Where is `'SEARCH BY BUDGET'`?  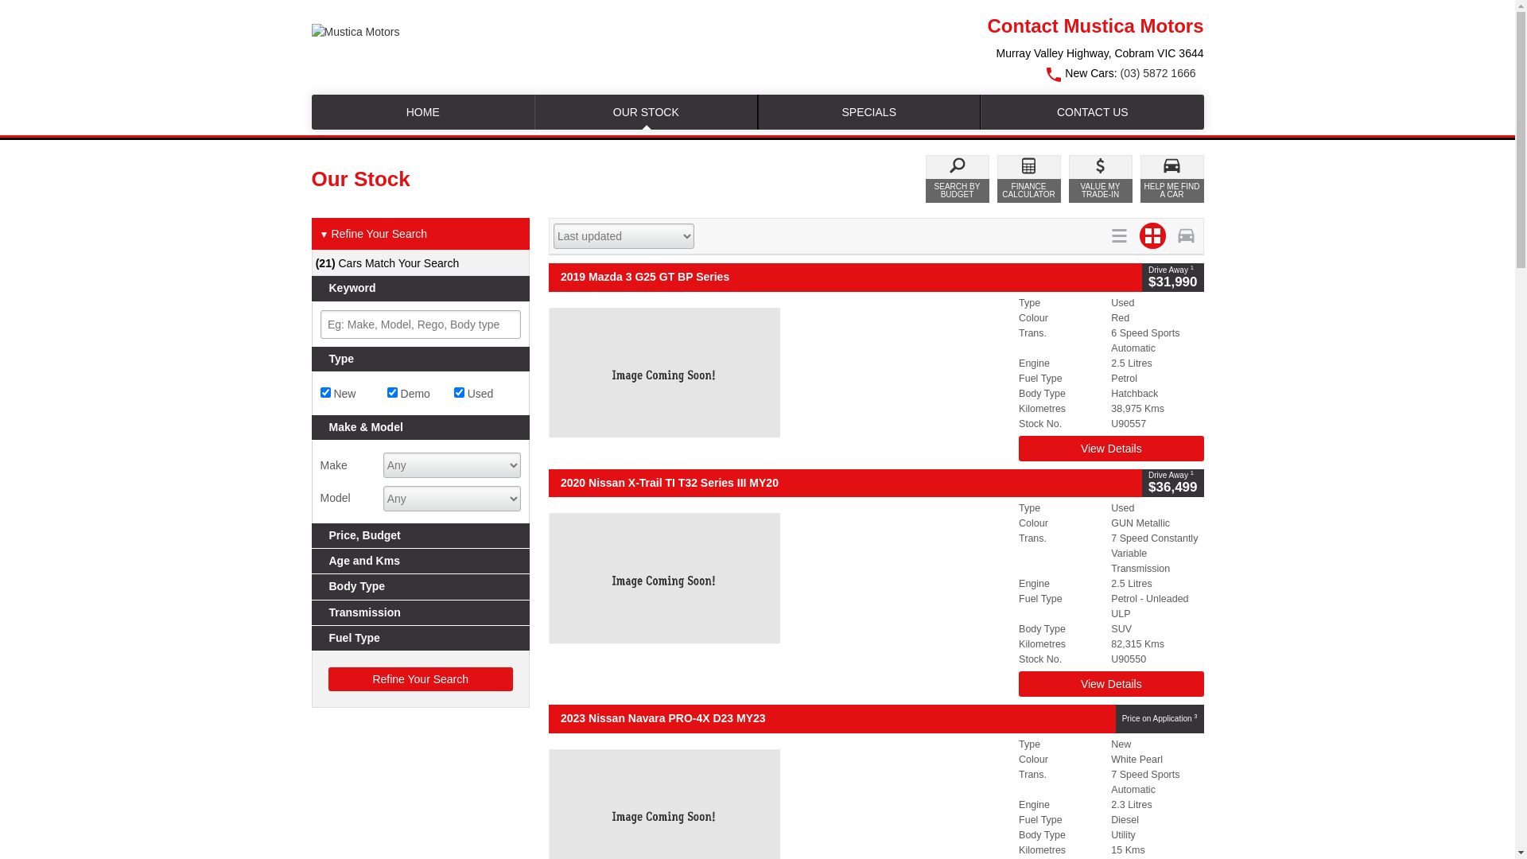
'SEARCH BY BUDGET' is located at coordinates (925, 178).